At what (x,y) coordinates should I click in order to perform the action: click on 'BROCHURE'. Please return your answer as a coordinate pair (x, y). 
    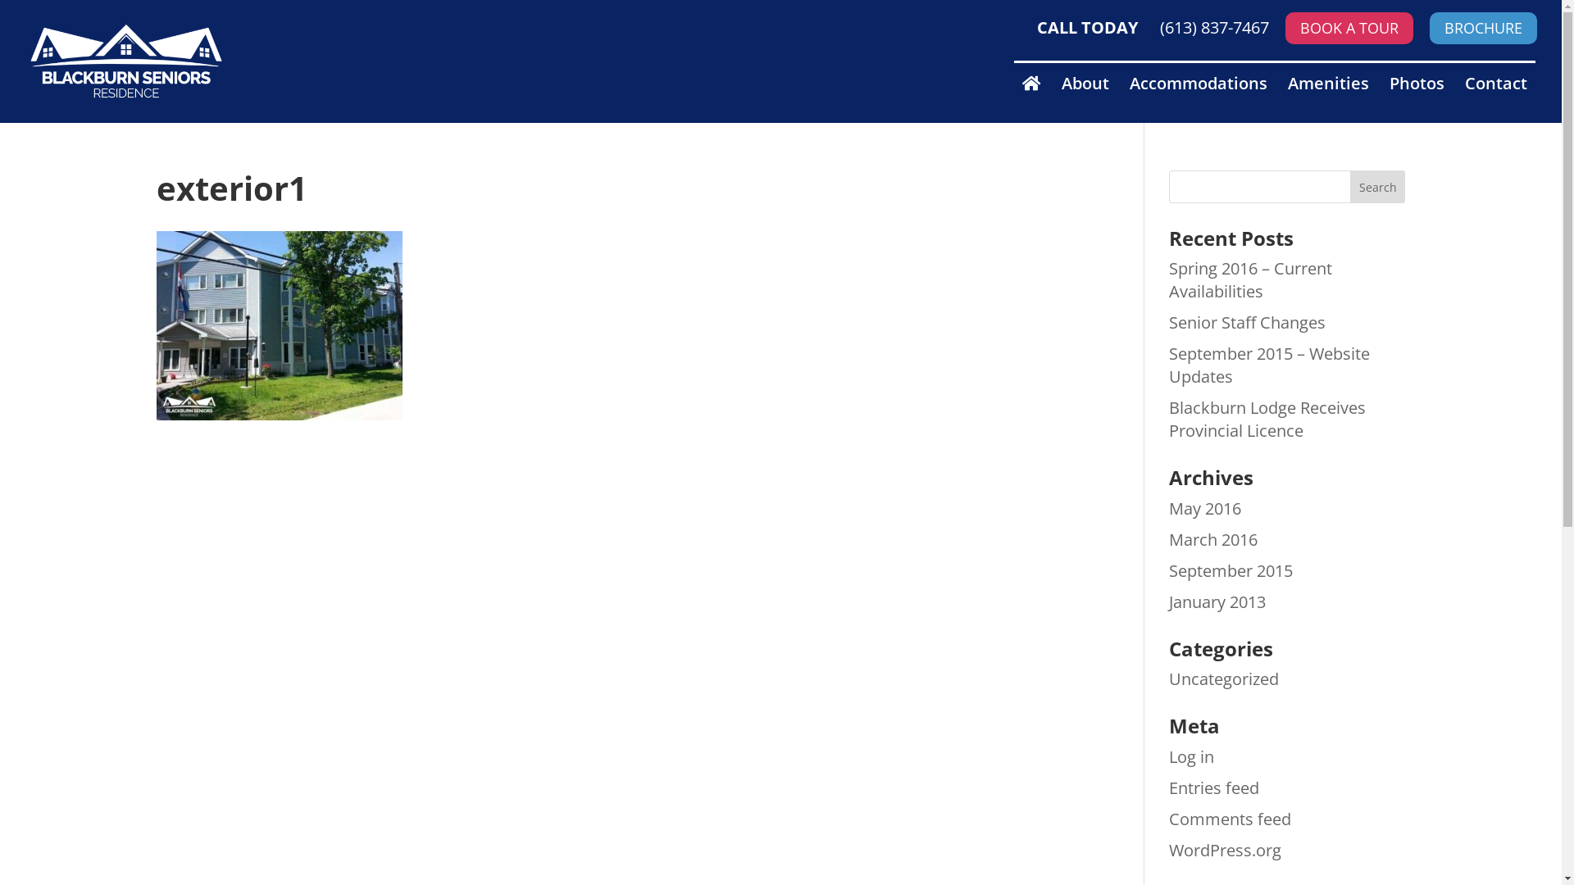
    Looking at the image, I should click on (1483, 28).